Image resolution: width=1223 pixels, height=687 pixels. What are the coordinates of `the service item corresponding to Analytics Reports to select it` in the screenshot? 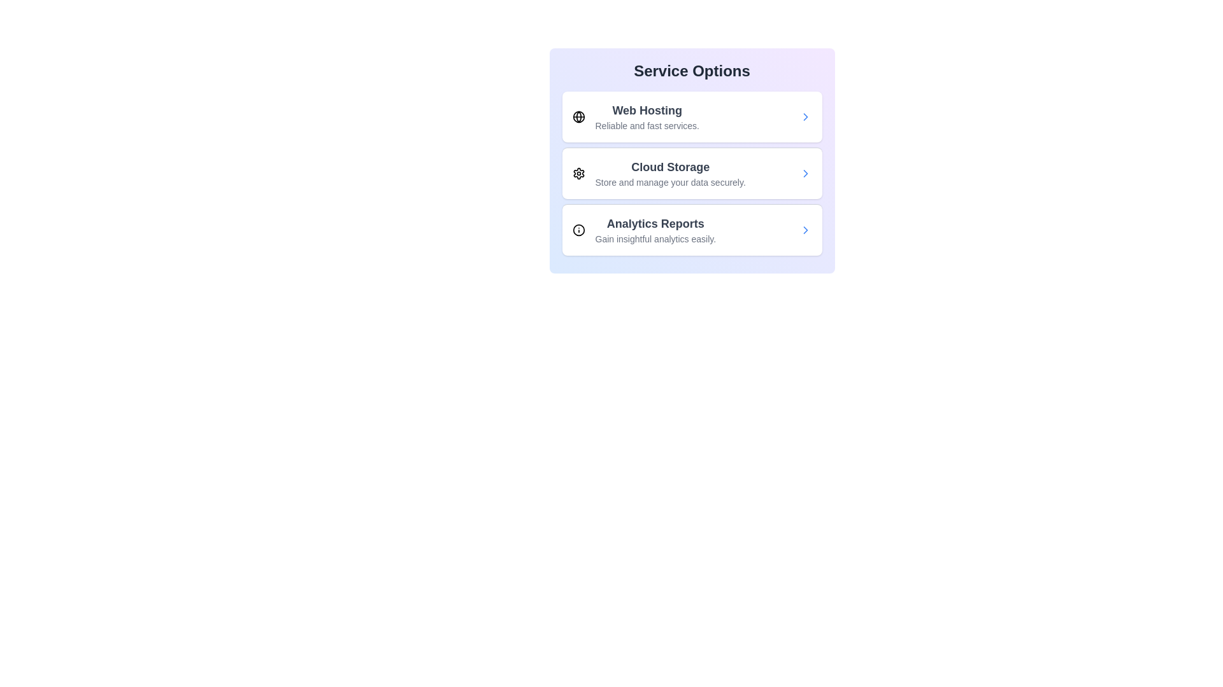 It's located at (691, 230).